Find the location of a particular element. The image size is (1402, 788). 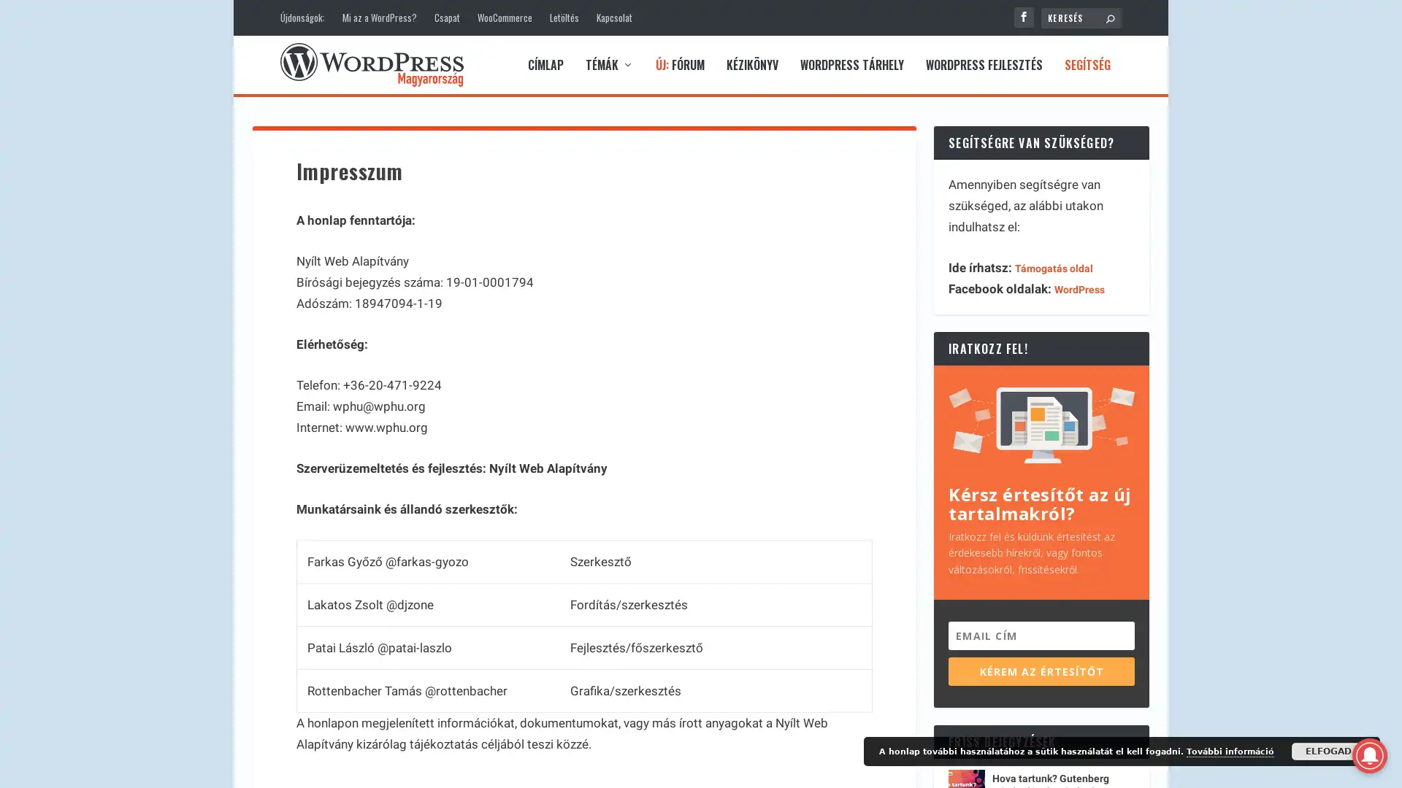

ELFOGAD is located at coordinates (1328, 751).